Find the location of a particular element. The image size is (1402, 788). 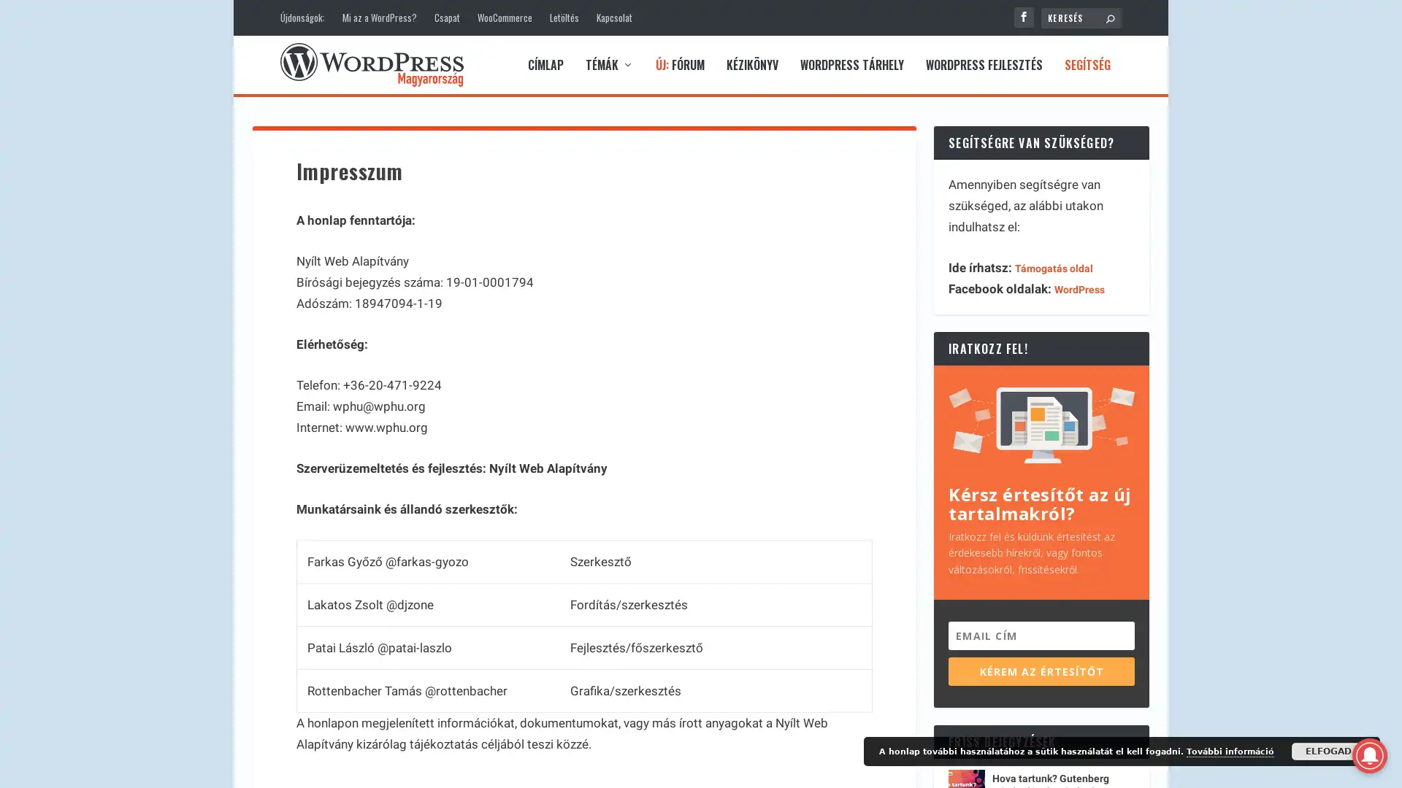

ELFOGAD is located at coordinates (1328, 751).